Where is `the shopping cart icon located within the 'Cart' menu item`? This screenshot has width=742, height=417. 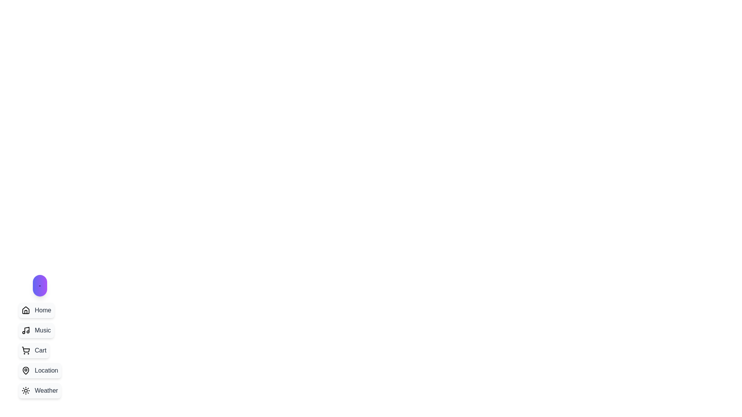 the shopping cart icon located within the 'Cart' menu item is located at coordinates (26, 350).